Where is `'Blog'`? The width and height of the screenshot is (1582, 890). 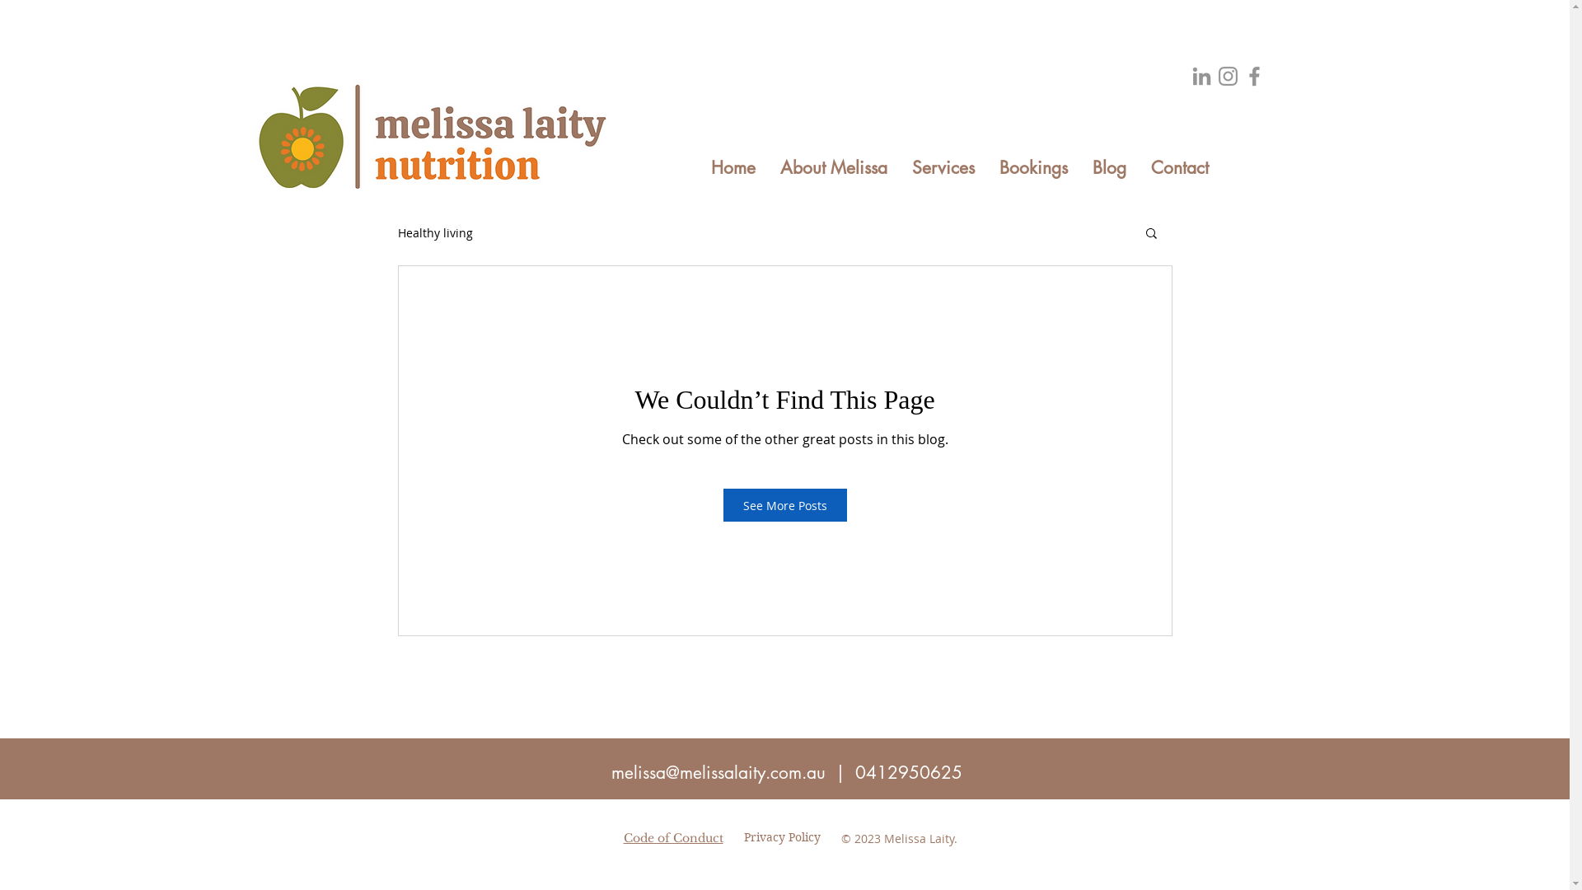 'Blog' is located at coordinates (1079, 168).